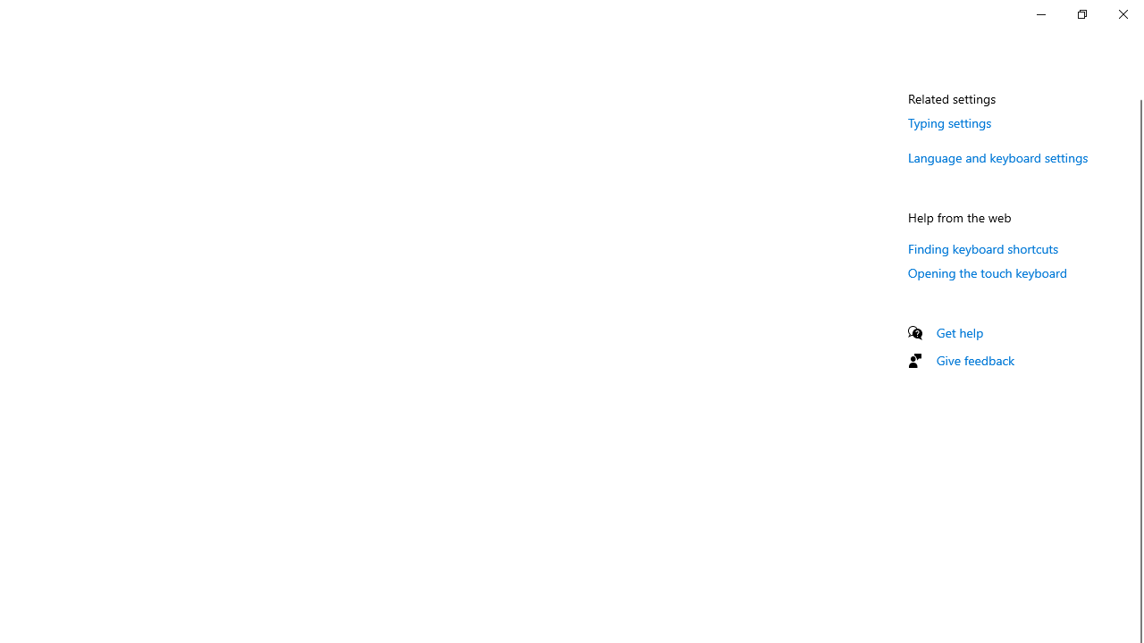 This screenshot has height=643, width=1144. What do you see at coordinates (959, 332) in the screenshot?
I see `'Get help'` at bounding box center [959, 332].